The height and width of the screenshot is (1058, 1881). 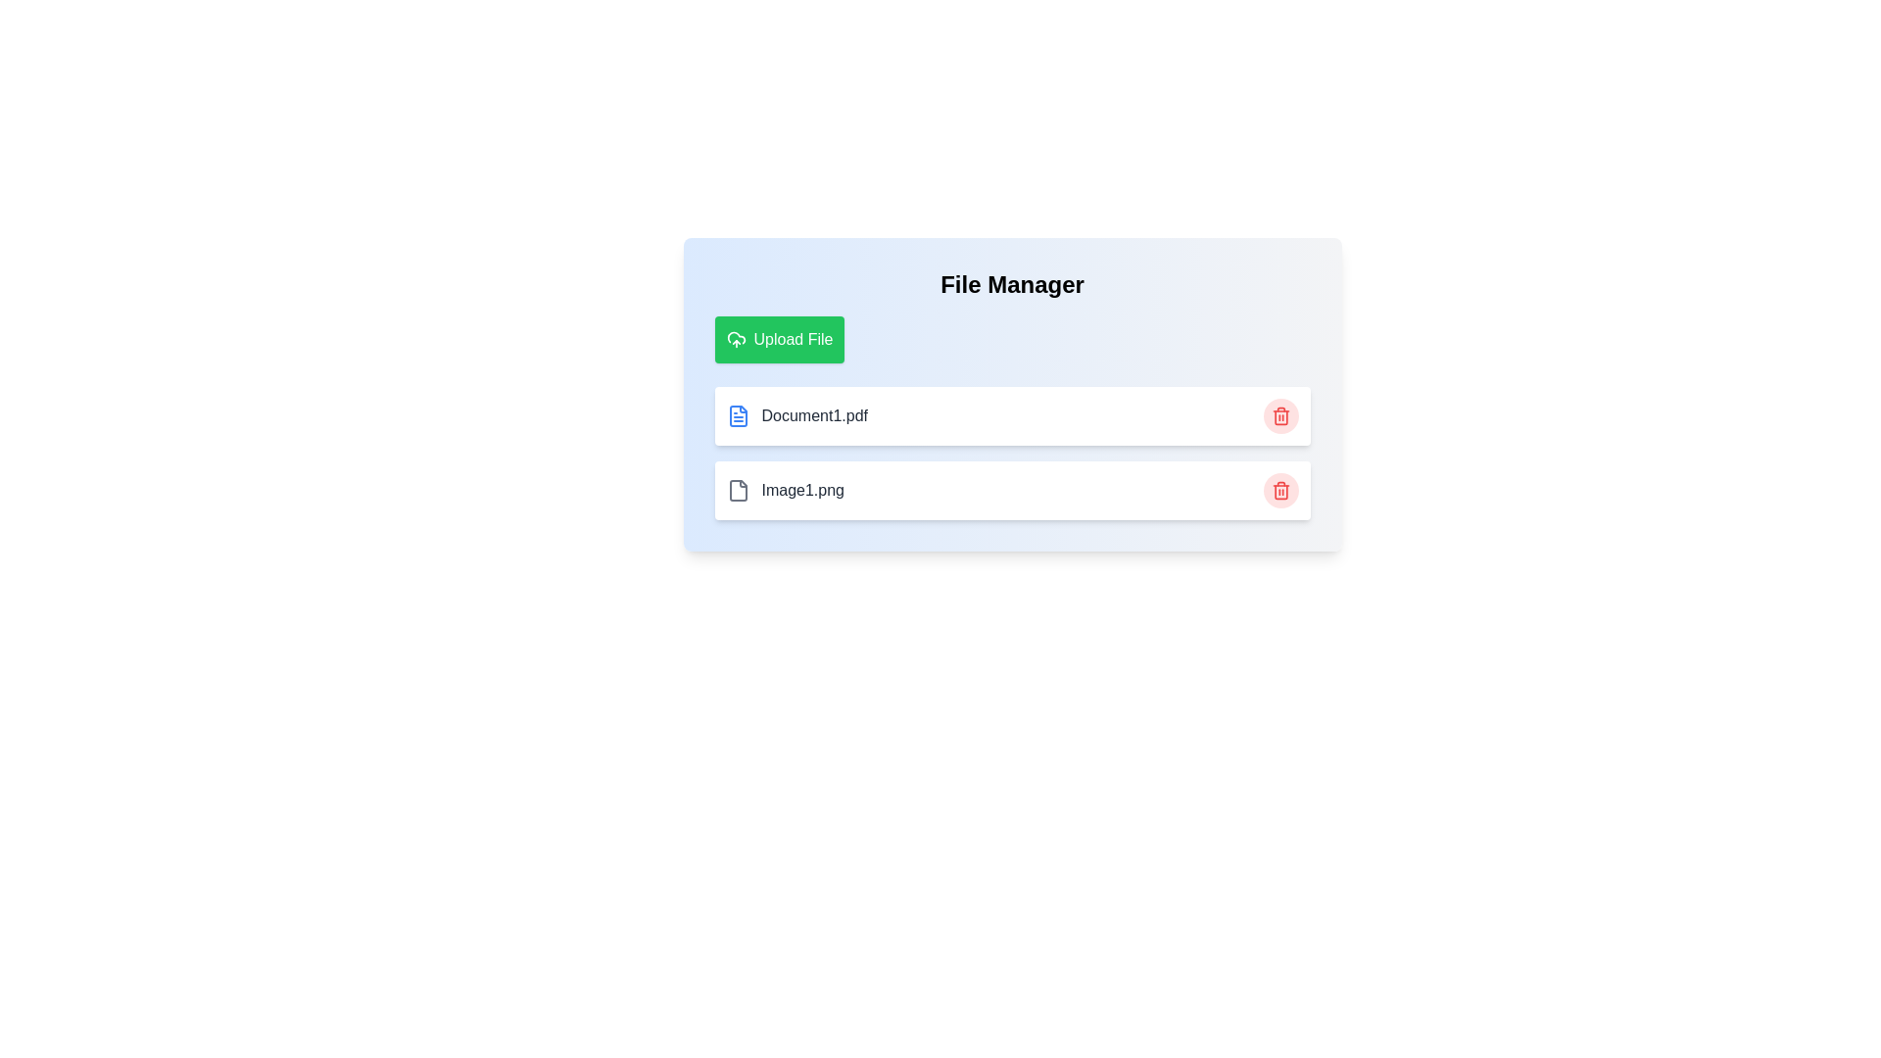 What do you see at coordinates (785, 490) in the screenshot?
I see `the file item representing 'Image1.png' in the file management interface, which consists of a static icon and a text label` at bounding box center [785, 490].